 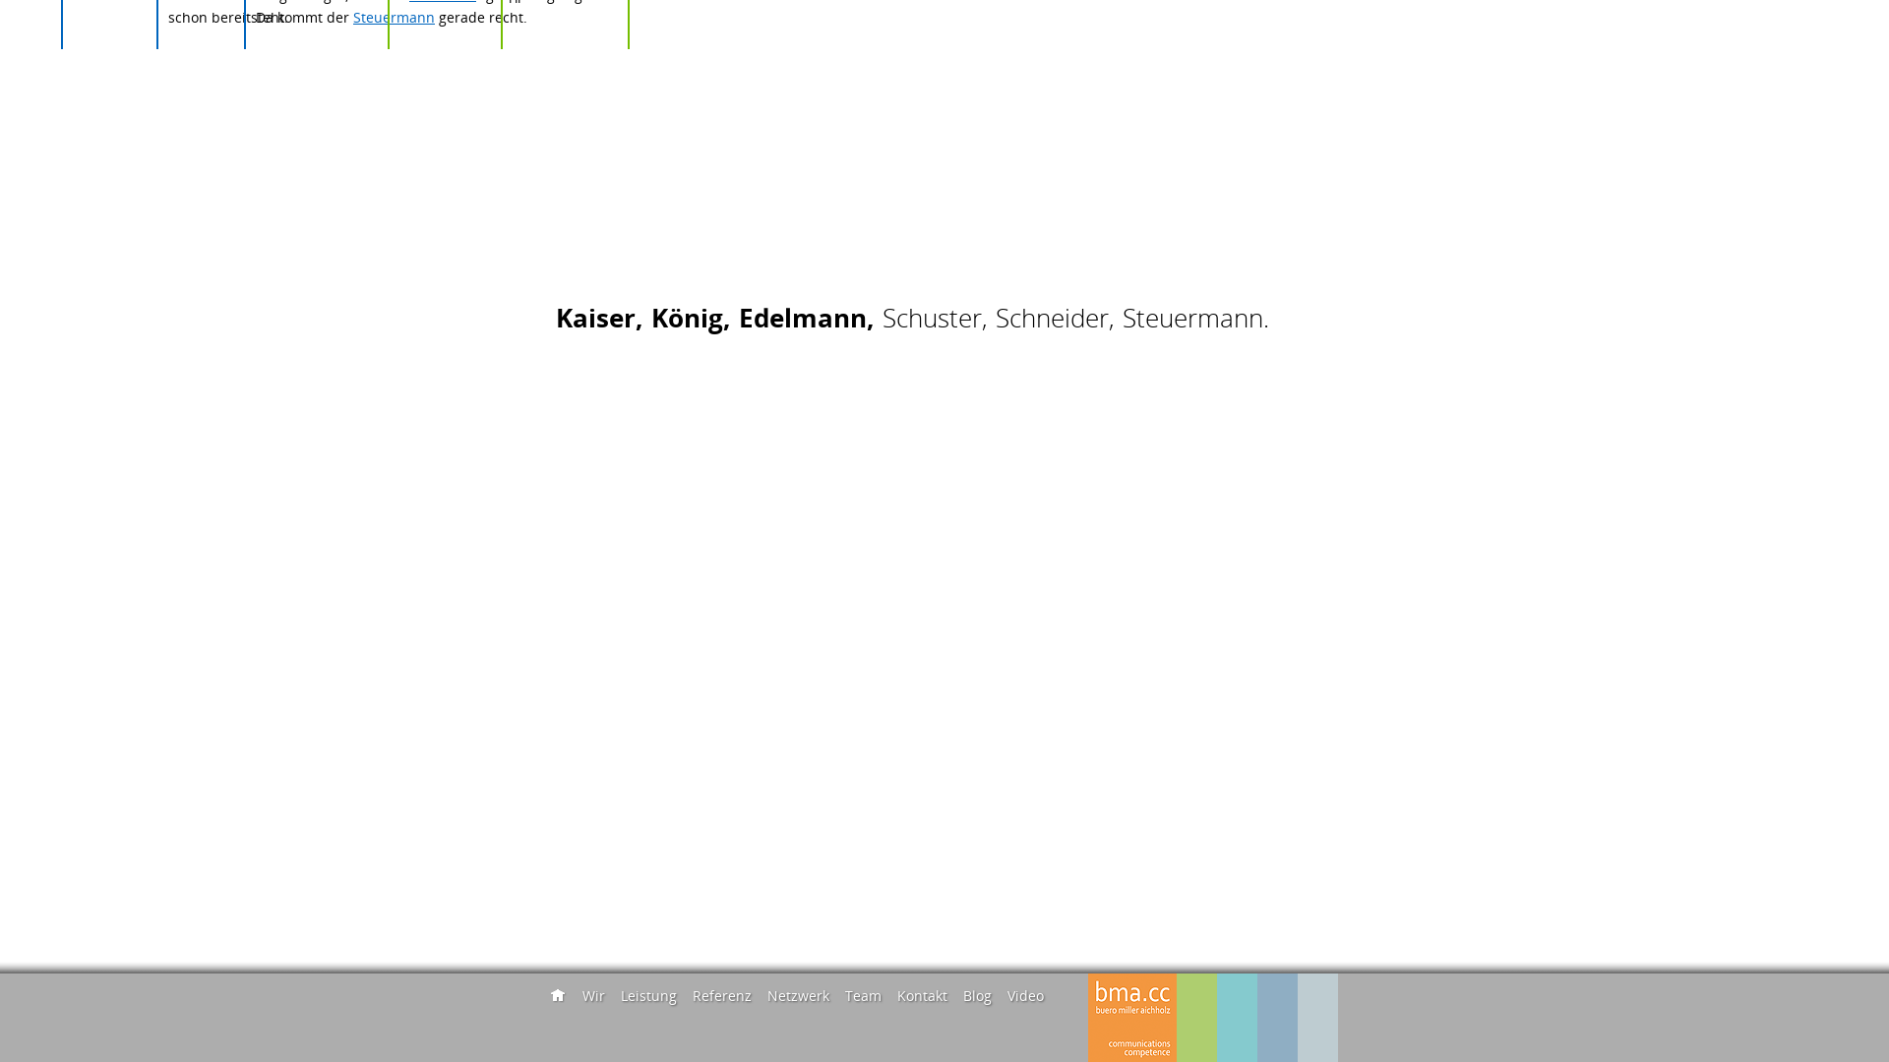 I want to click on 'Wir', so click(x=592, y=995).